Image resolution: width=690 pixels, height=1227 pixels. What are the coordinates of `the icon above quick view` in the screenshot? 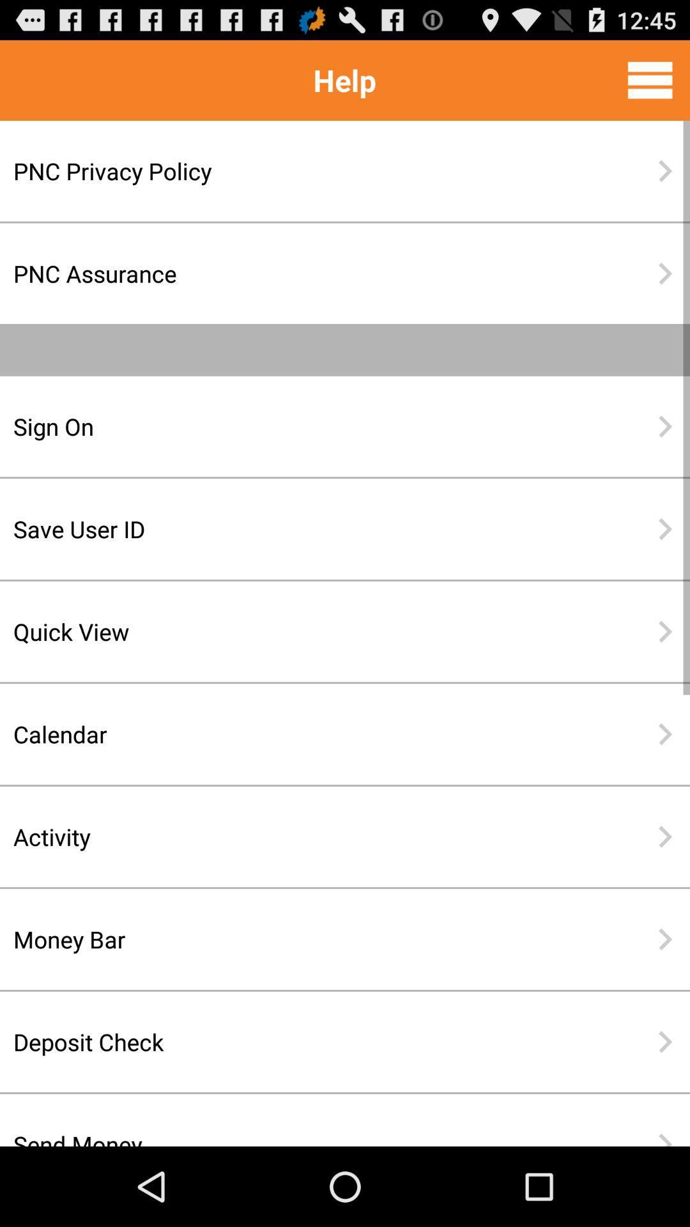 It's located at (303, 529).